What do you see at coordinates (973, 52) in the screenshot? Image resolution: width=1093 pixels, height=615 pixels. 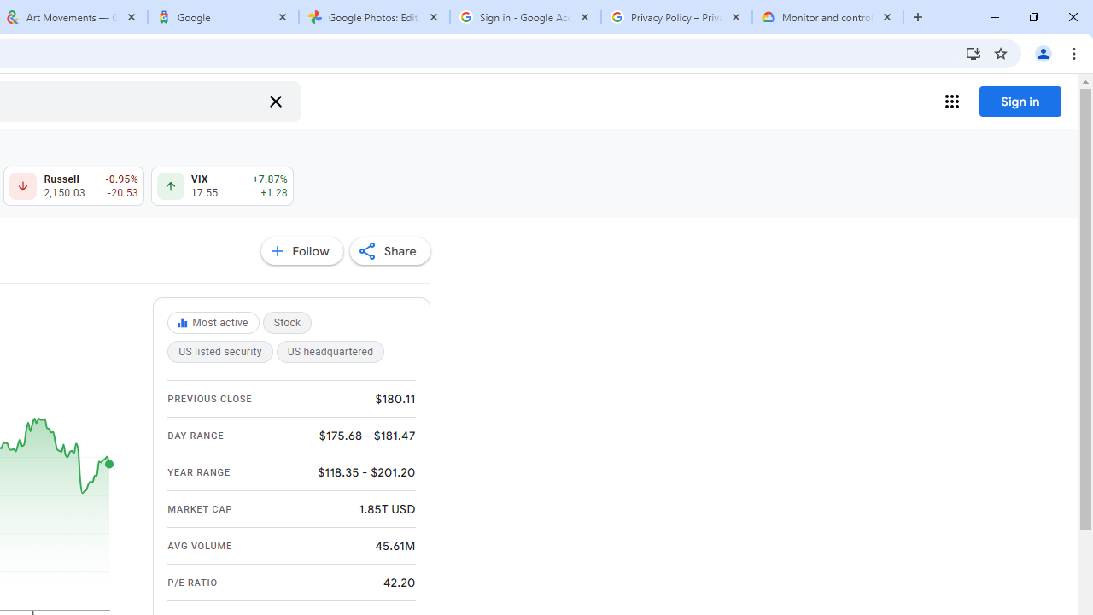 I see `'Install Google Finance'` at bounding box center [973, 52].